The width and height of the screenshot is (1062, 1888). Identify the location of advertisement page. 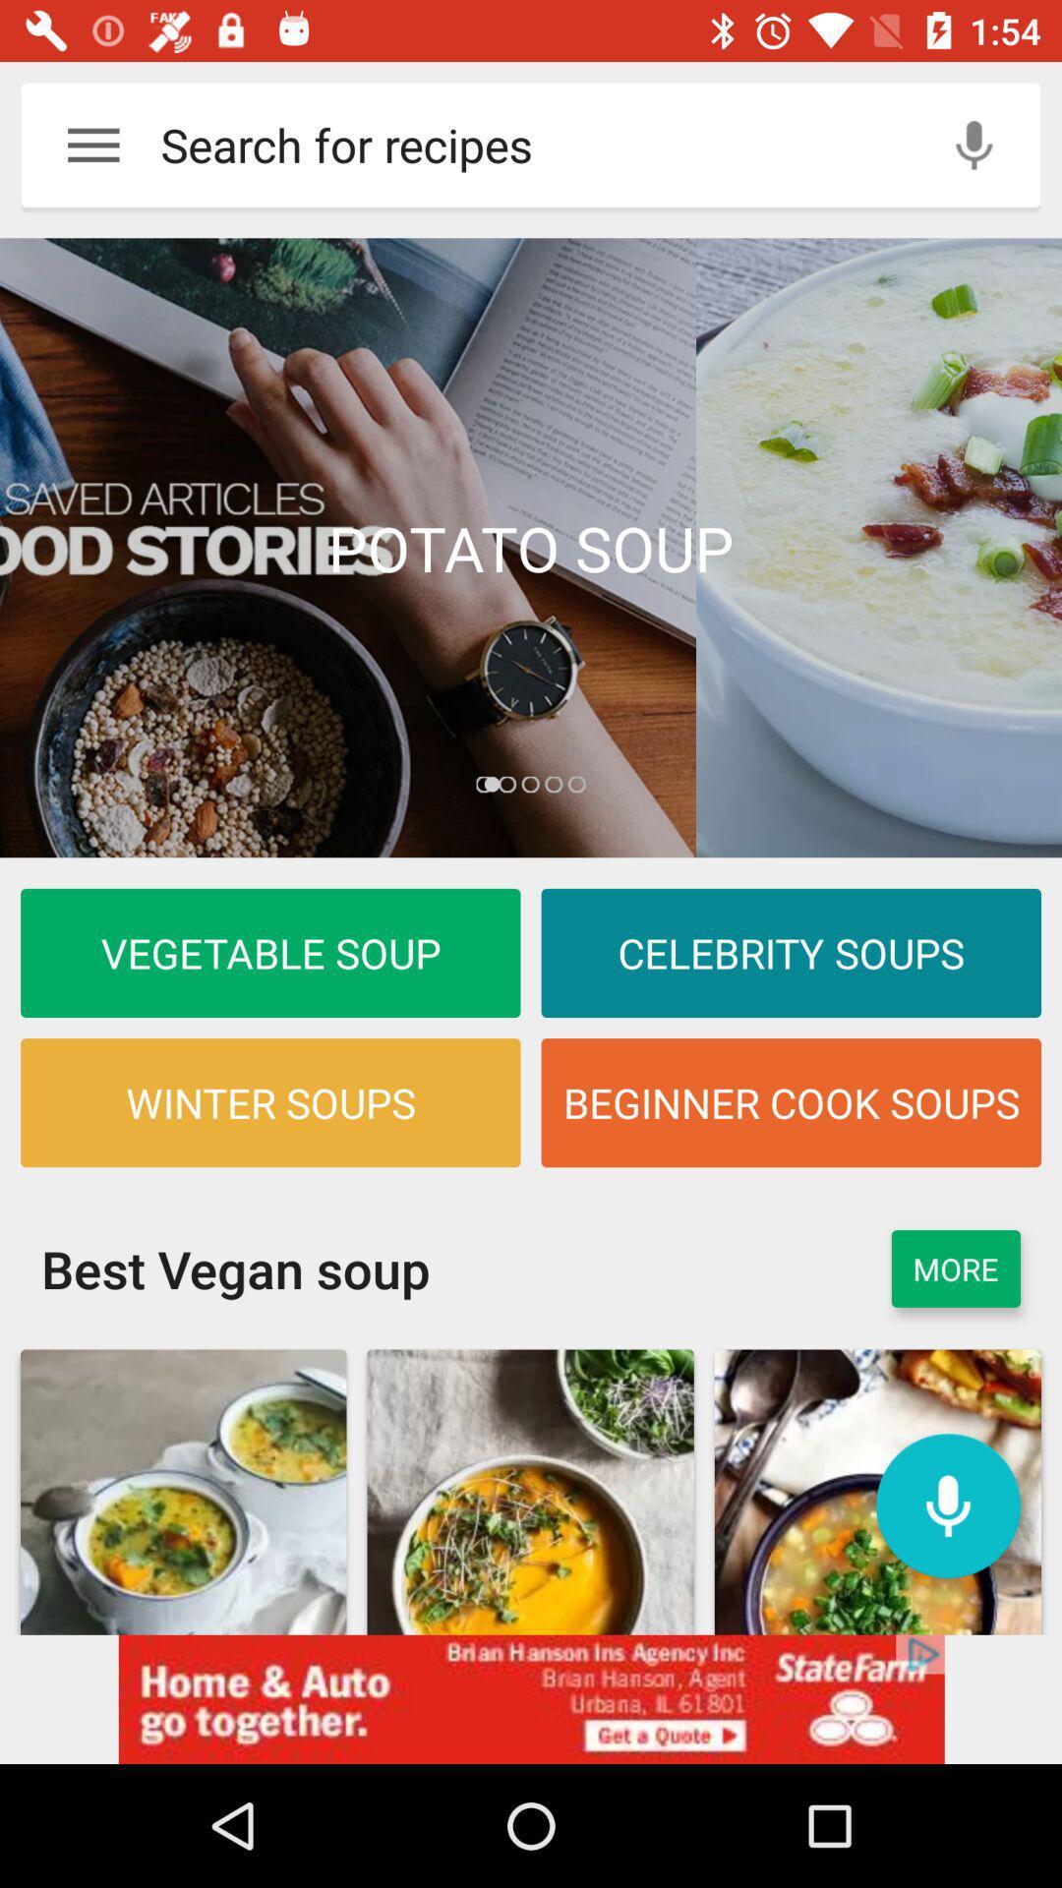
(531, 548).